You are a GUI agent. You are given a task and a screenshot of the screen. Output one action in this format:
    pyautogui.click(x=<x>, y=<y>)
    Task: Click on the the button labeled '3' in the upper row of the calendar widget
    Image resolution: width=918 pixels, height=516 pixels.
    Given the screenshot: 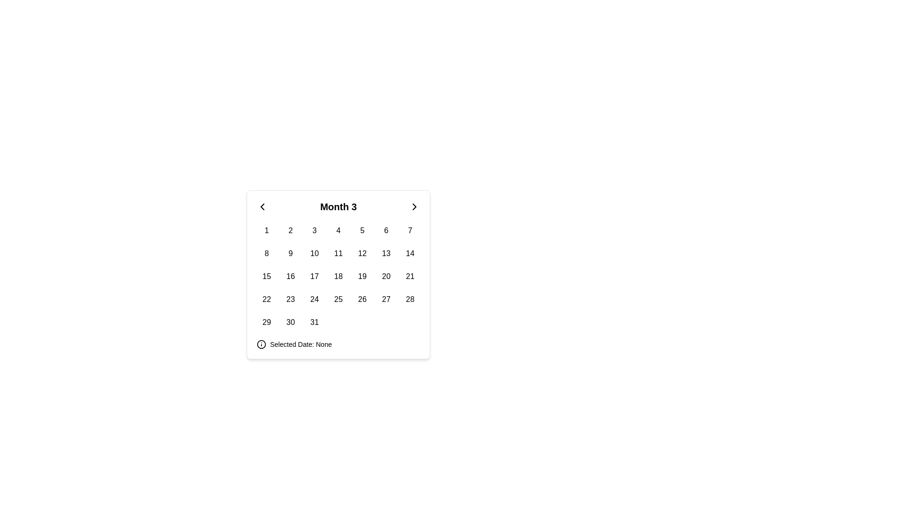 What is the action you would take?
    pyautogui.click(x=314, y=230)
    